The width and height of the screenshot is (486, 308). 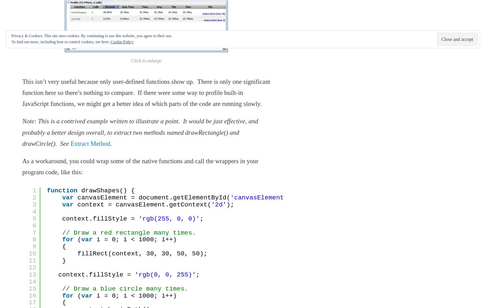 What do you see at coordinates (32, 267) in the screenshot?
I see `'12'` at bounding box center [32, 267].